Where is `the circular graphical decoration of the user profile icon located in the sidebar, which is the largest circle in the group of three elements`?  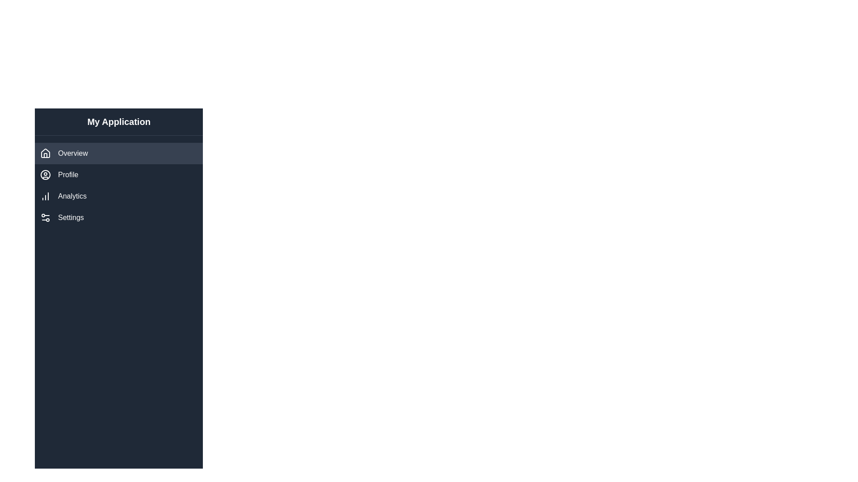
the circular graphical decoration of the user profile icon located in the sidebar, which is the largest circle in the group of three elements is located at coordinates (45, 175).